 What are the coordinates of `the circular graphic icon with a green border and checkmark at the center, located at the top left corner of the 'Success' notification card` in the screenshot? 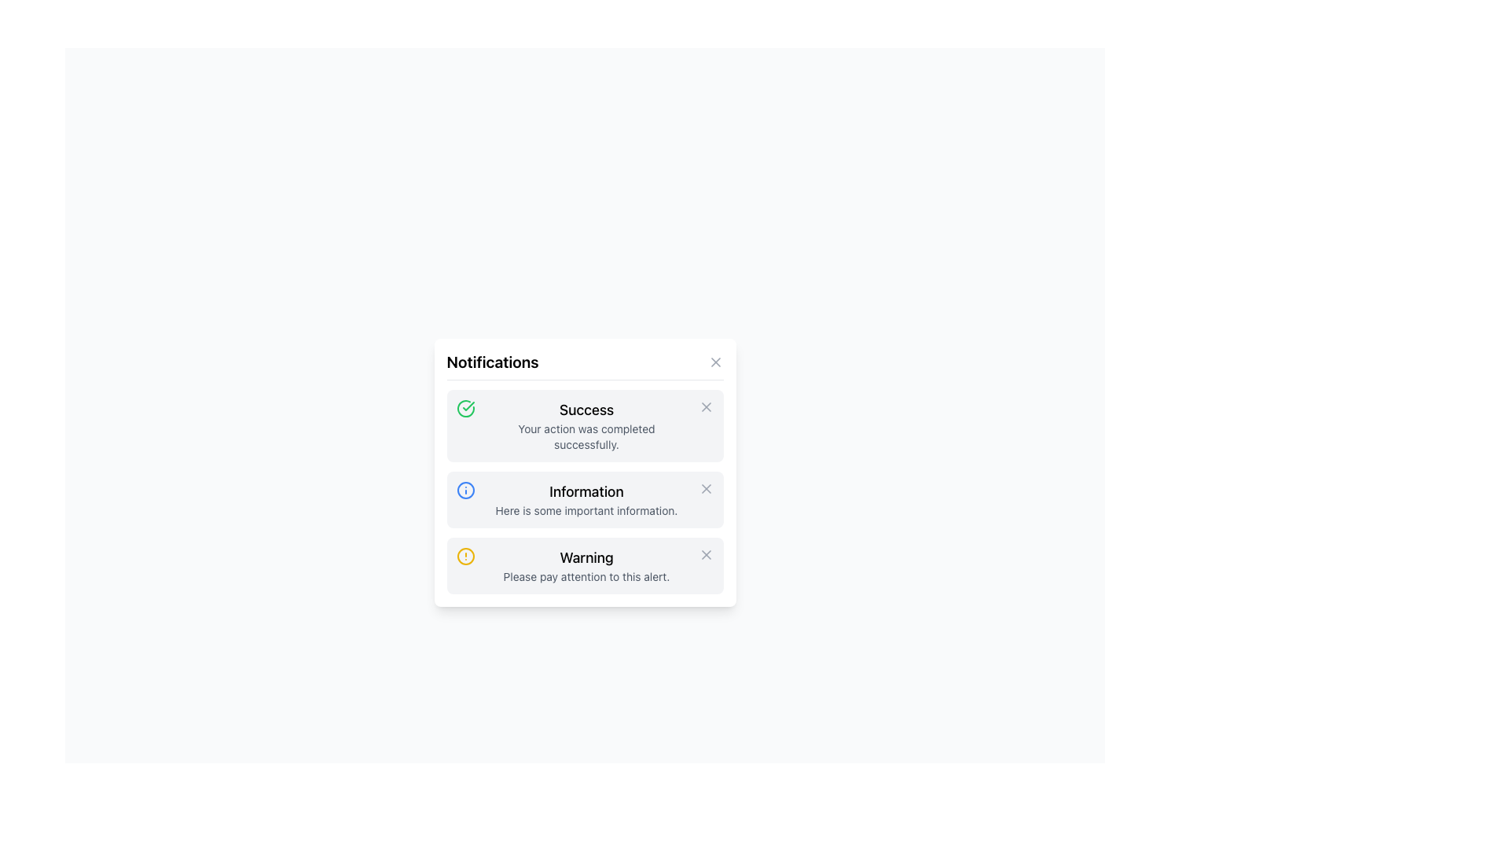 It's located at (464, 407).